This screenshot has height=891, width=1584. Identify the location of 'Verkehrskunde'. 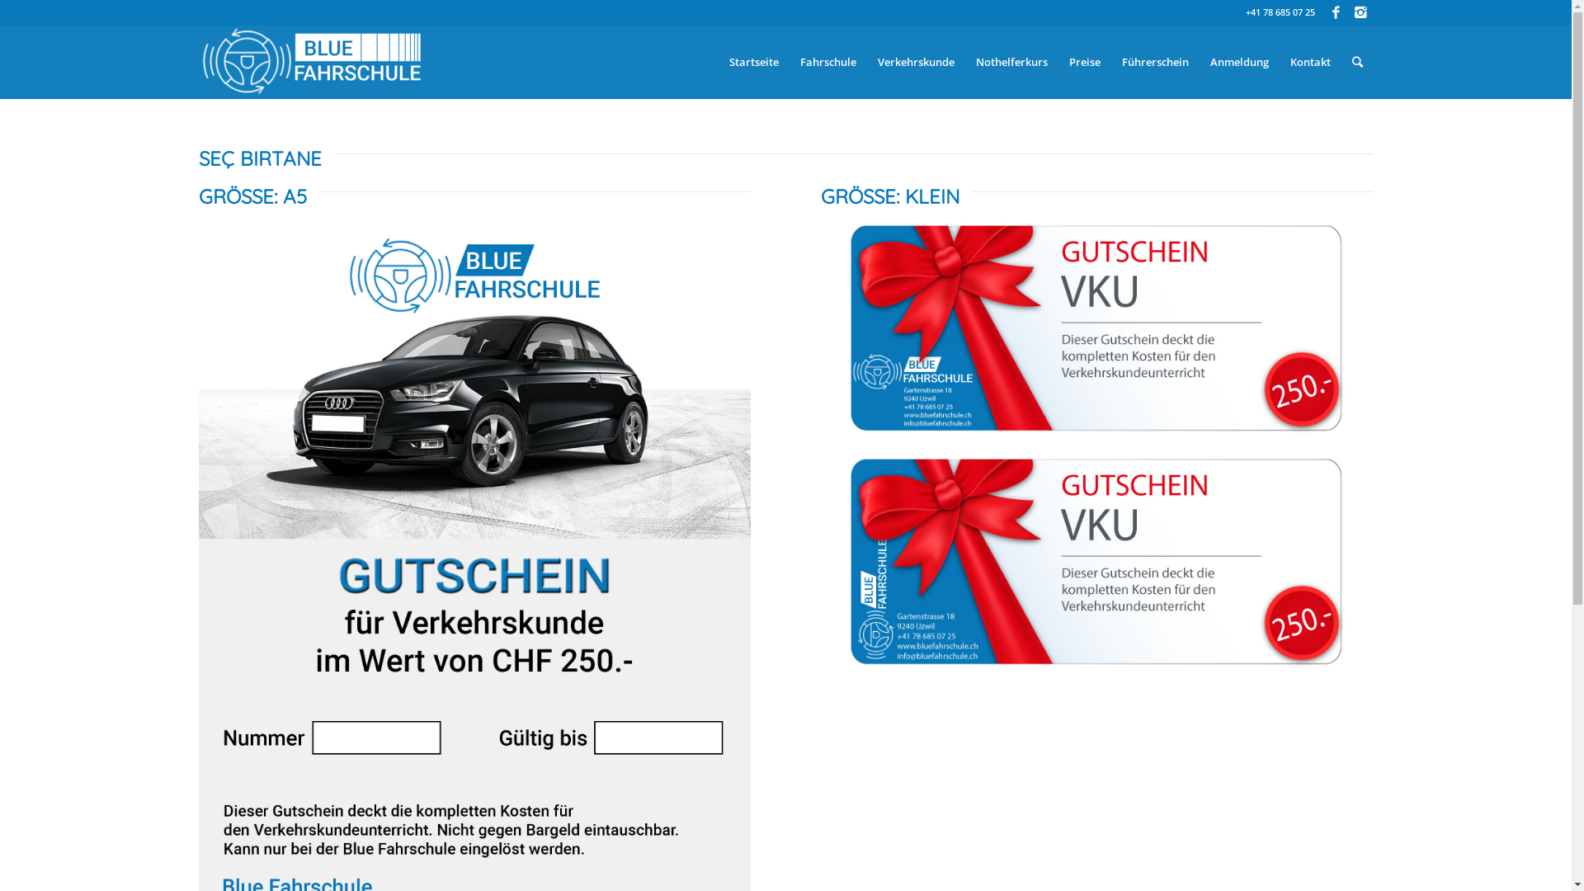
(865, 60).